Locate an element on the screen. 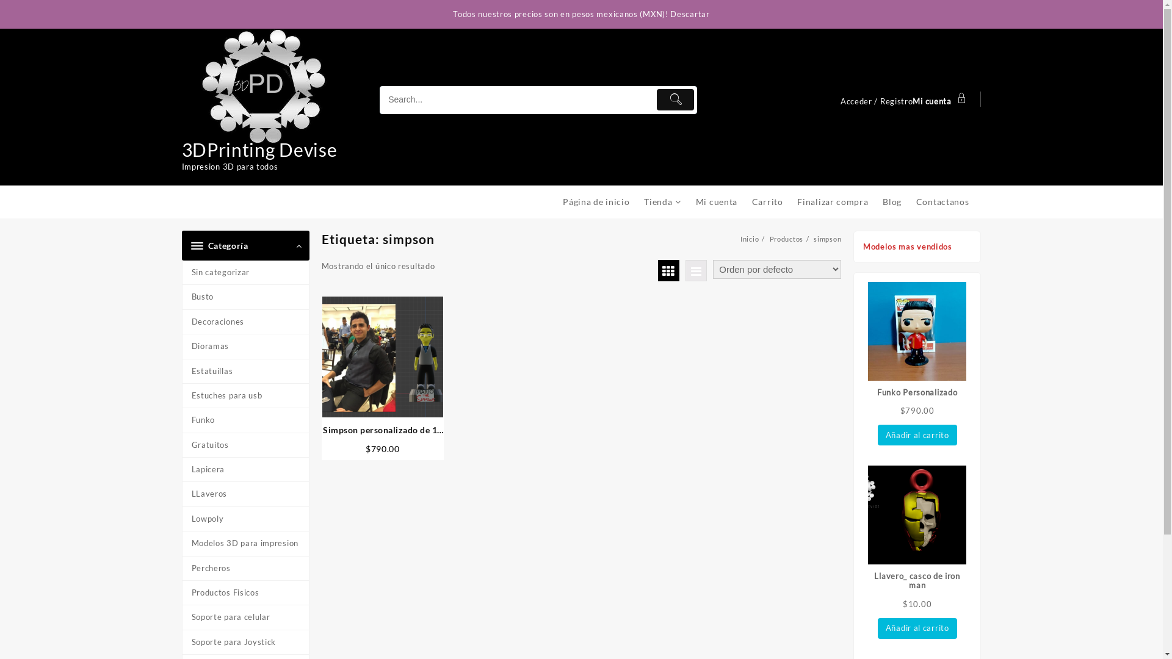  'Lapicera' is located at coordinates (245, 469).